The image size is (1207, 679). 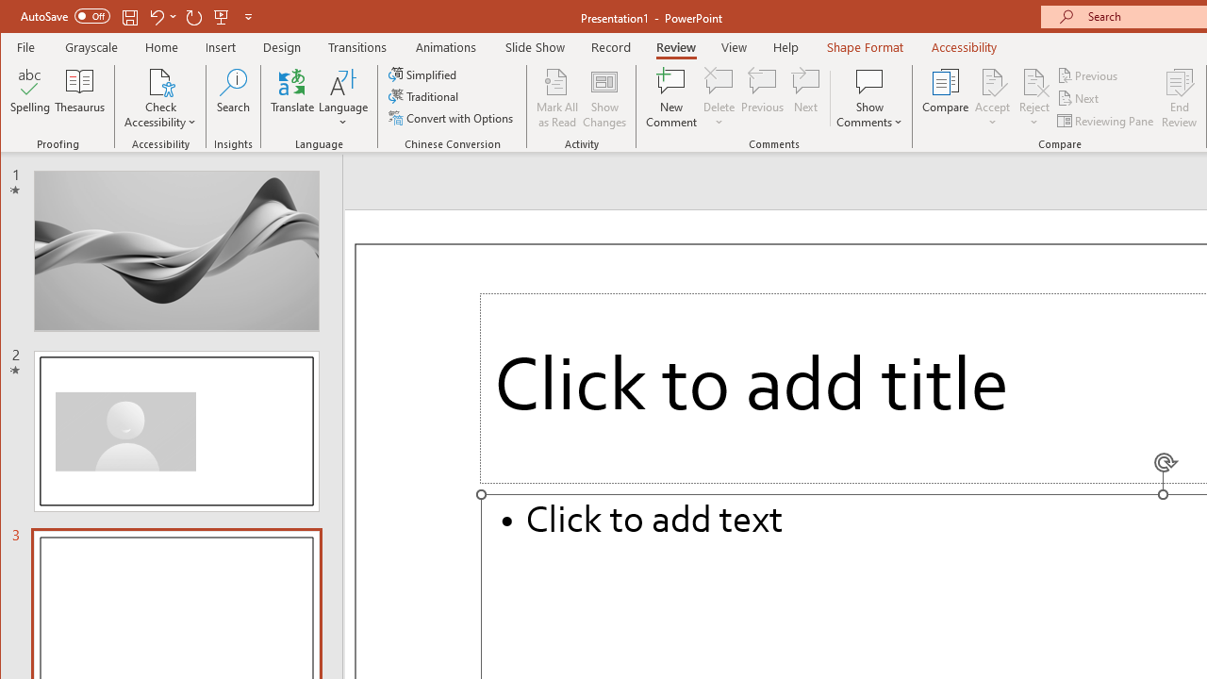 I want to click on 'Language', so click(x=343, y=98).